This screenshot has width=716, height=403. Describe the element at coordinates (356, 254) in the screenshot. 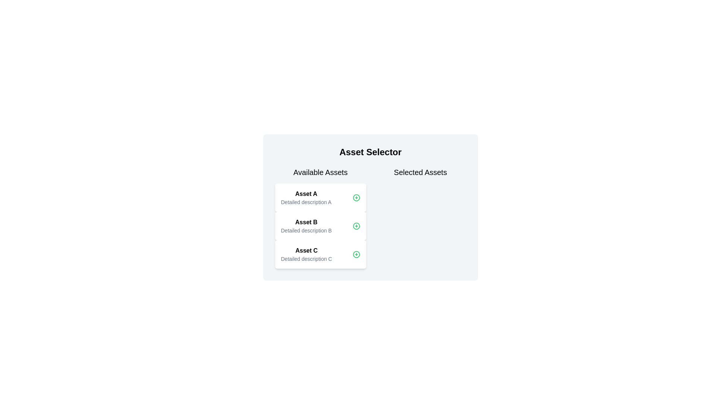

I see `the interactive button` at that location.